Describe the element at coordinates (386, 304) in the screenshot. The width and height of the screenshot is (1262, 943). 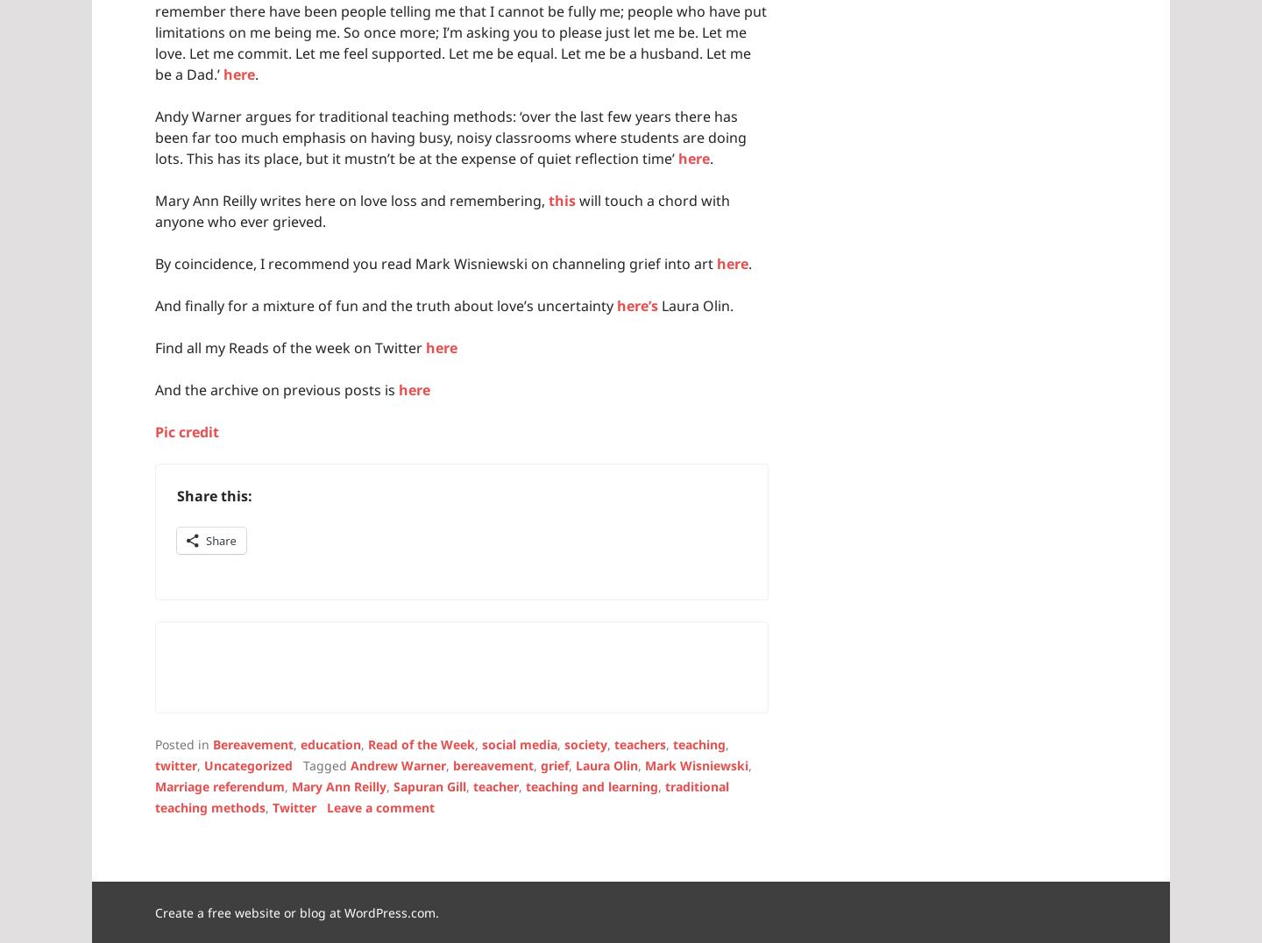
I see `'And finally for a mixture of fun and the truth about love’s uncertainty'` at that location.